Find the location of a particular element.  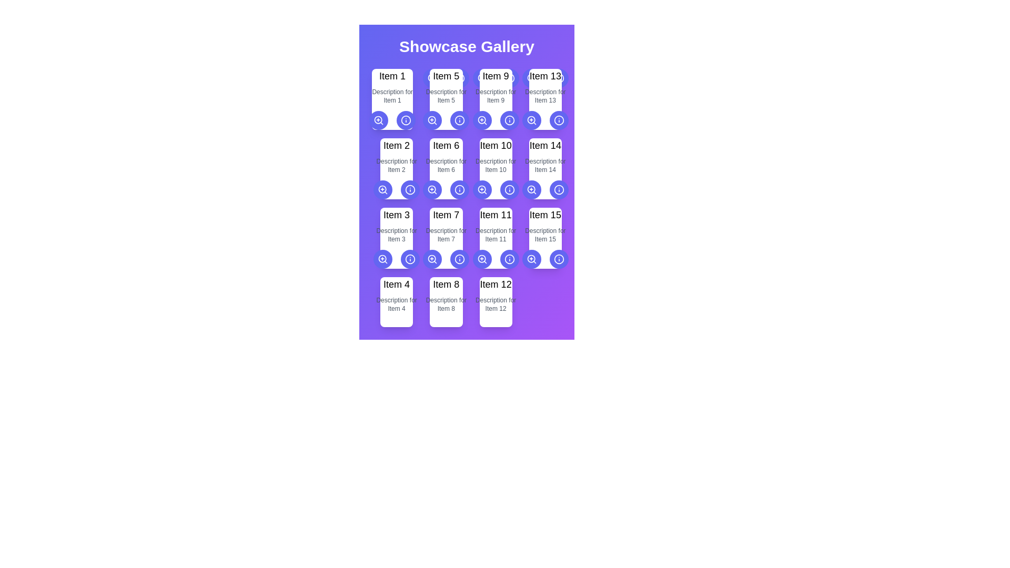

the information icon button located in the bottom right corner of the 'Item 11' card in the 'Showcase Gallery' is located at coordinates (509, 259).